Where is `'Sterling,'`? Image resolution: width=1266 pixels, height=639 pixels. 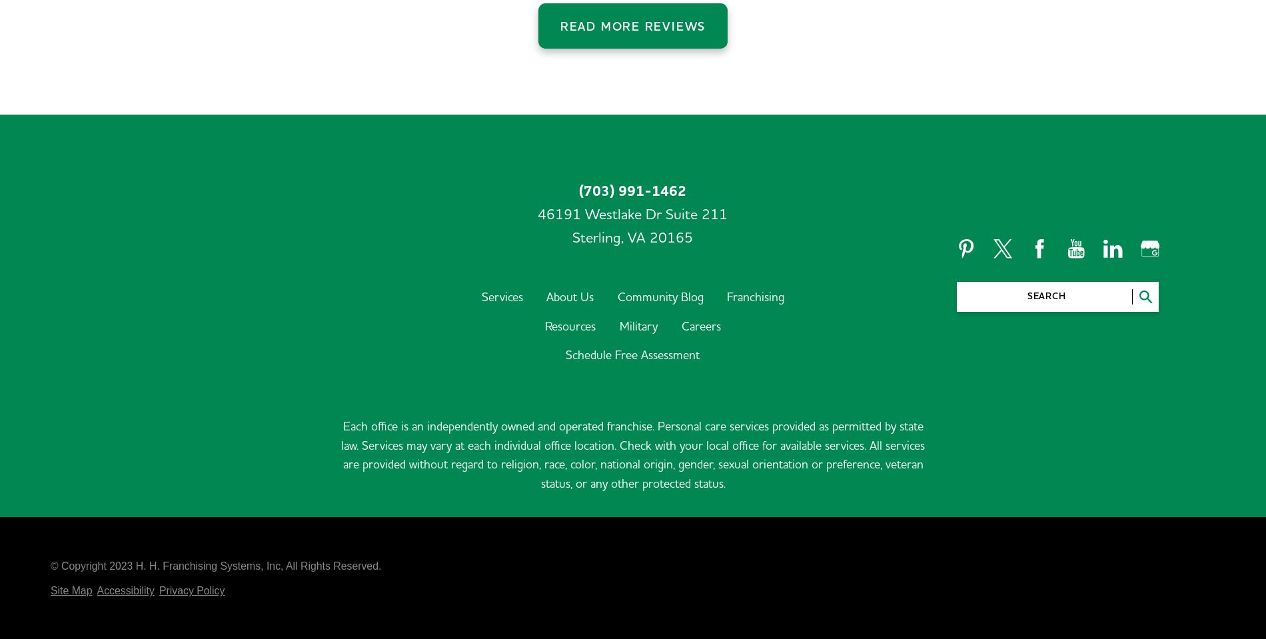
'Sterling,' is located at coordinates (571, 150).